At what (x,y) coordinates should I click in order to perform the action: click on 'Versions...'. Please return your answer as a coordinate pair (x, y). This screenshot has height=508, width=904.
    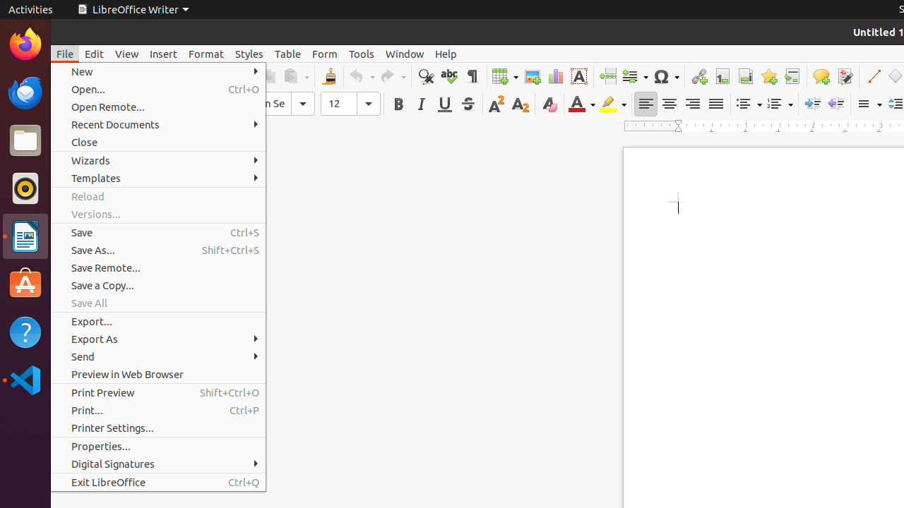
    Looking at the image, I should click on (158, 214).